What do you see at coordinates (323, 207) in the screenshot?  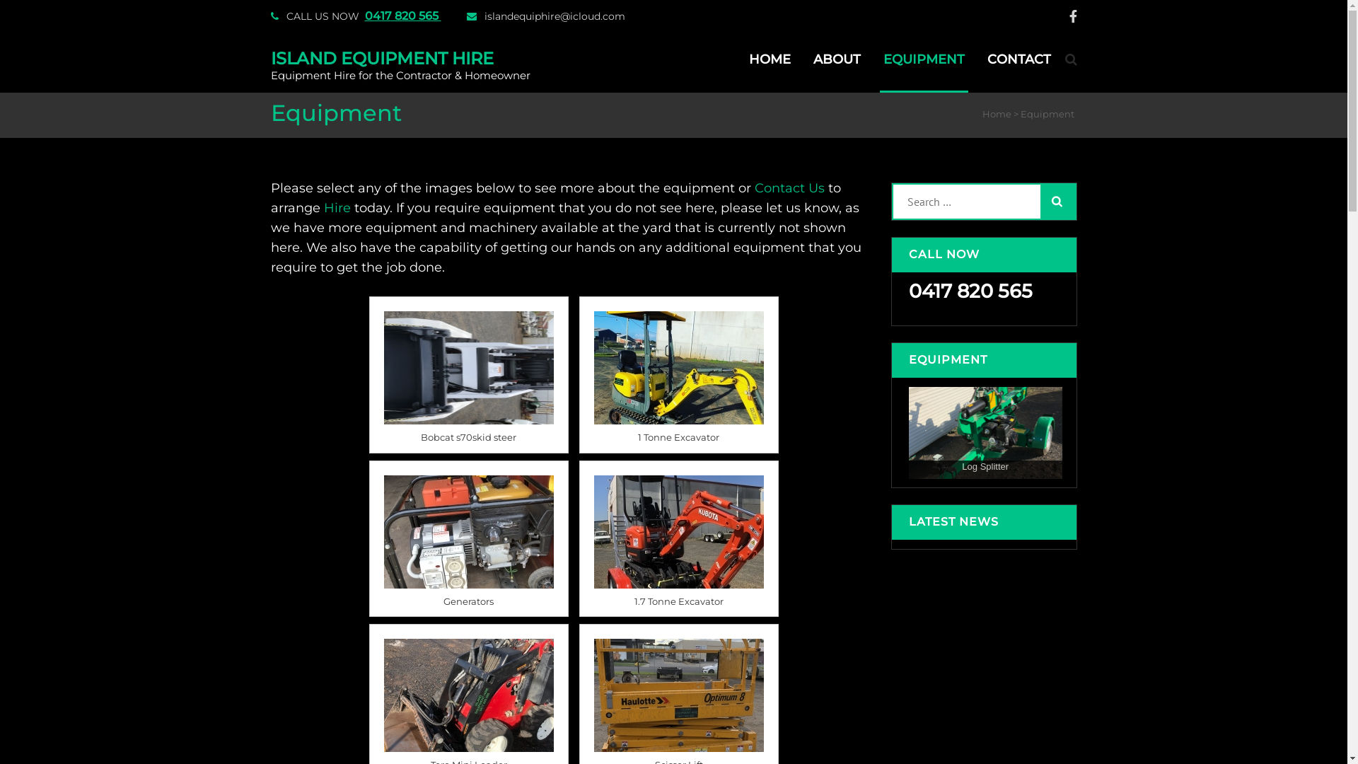 I see `'Hire'` at bounding box center [323, 207].